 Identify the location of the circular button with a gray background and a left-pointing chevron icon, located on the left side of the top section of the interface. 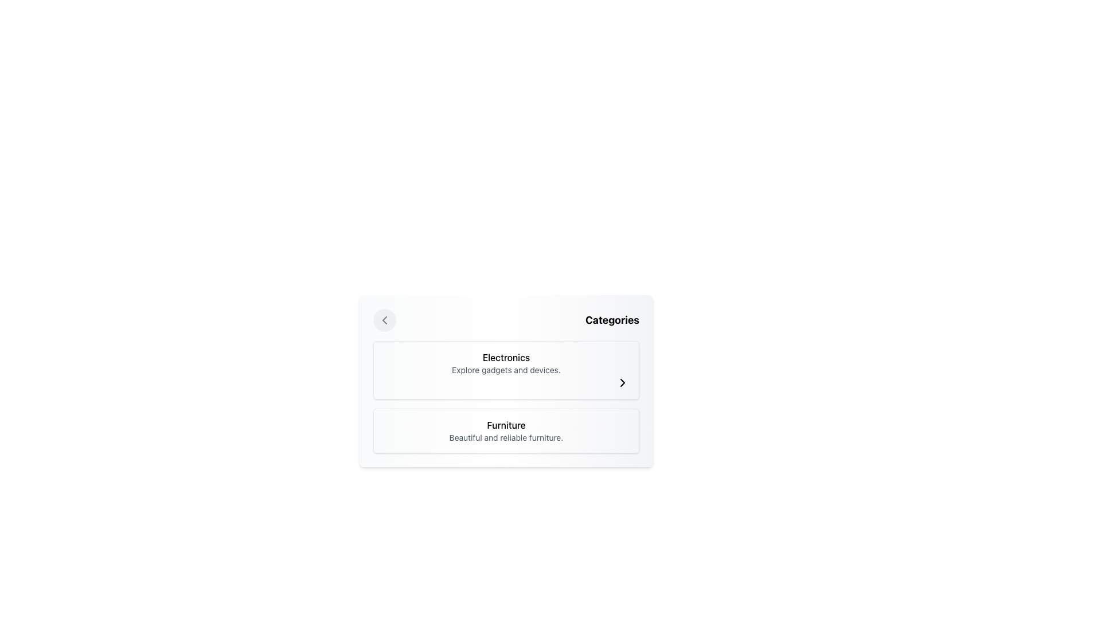
(385, 320).